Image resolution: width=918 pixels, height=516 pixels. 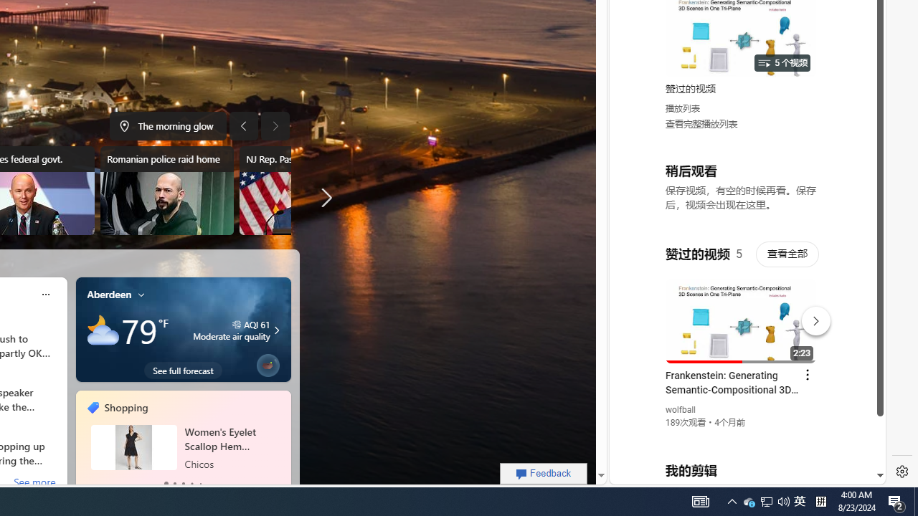 What do you see at coordinates (166, 484) in the screenshot?
I see `'tab-0'` at bounding box center [166, 484].